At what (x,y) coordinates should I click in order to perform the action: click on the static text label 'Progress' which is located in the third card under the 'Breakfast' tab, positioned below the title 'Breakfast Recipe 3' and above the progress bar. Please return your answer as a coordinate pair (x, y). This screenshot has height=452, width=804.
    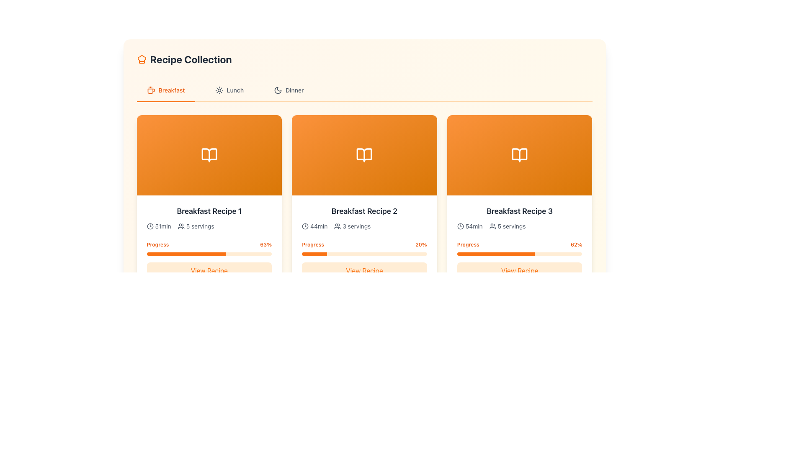
    Looking at the image, I should click on (468, 245).